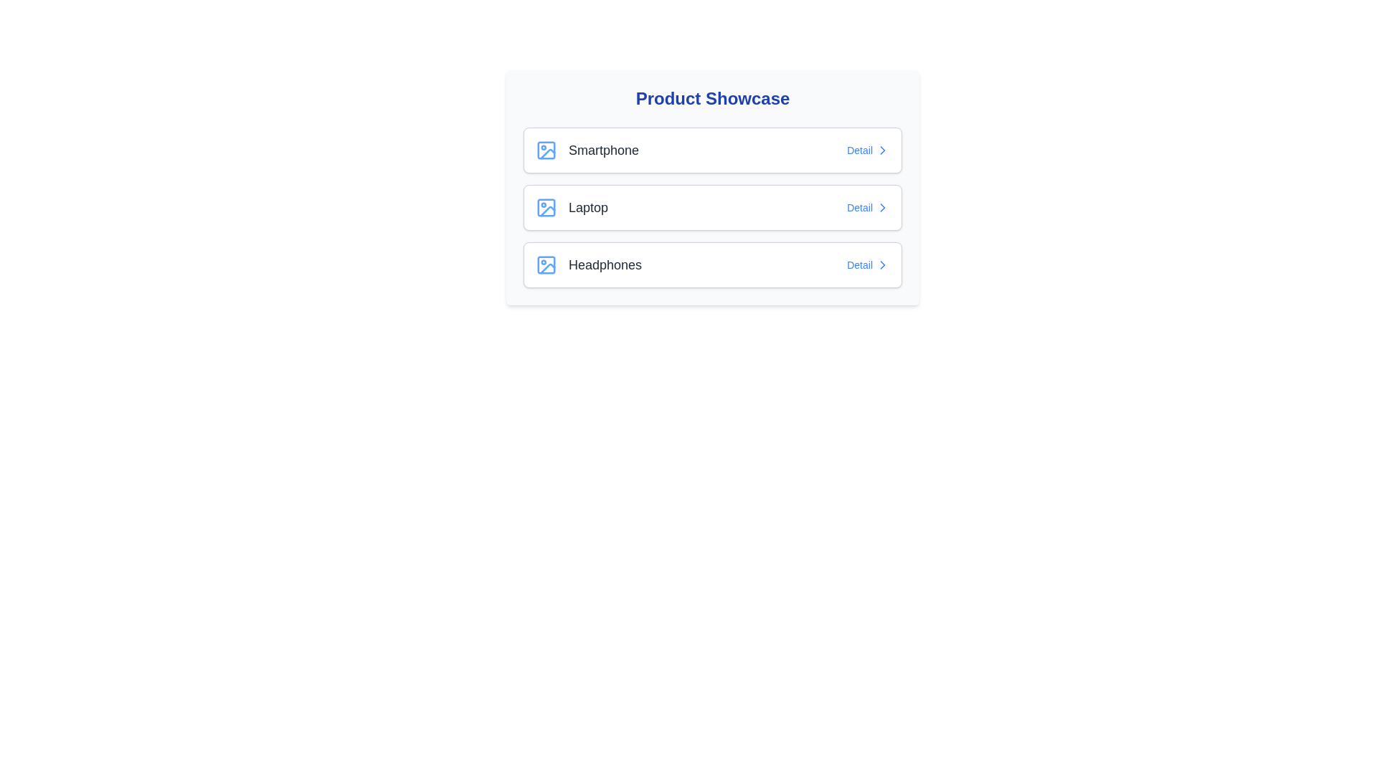 Image resolution: width=1377 pixels, height=774 pixels. I want to click on the text description of the product Smartphone for copying, so click(587, 150).